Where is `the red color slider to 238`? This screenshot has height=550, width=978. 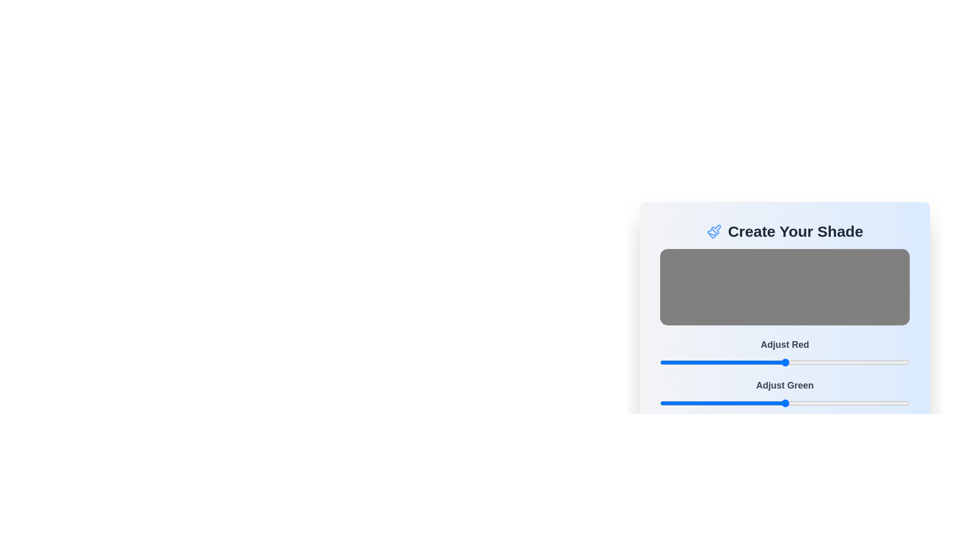 the red color slider to 238 is located at coordinates (892, 362).